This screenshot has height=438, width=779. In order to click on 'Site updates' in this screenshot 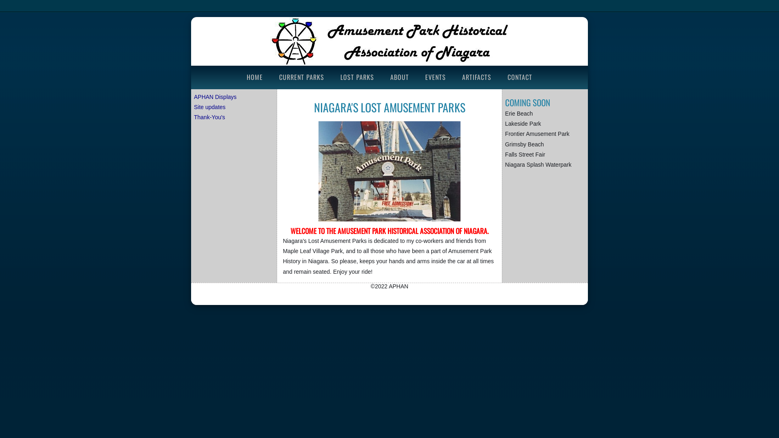, I will do `click(210, 106)`.